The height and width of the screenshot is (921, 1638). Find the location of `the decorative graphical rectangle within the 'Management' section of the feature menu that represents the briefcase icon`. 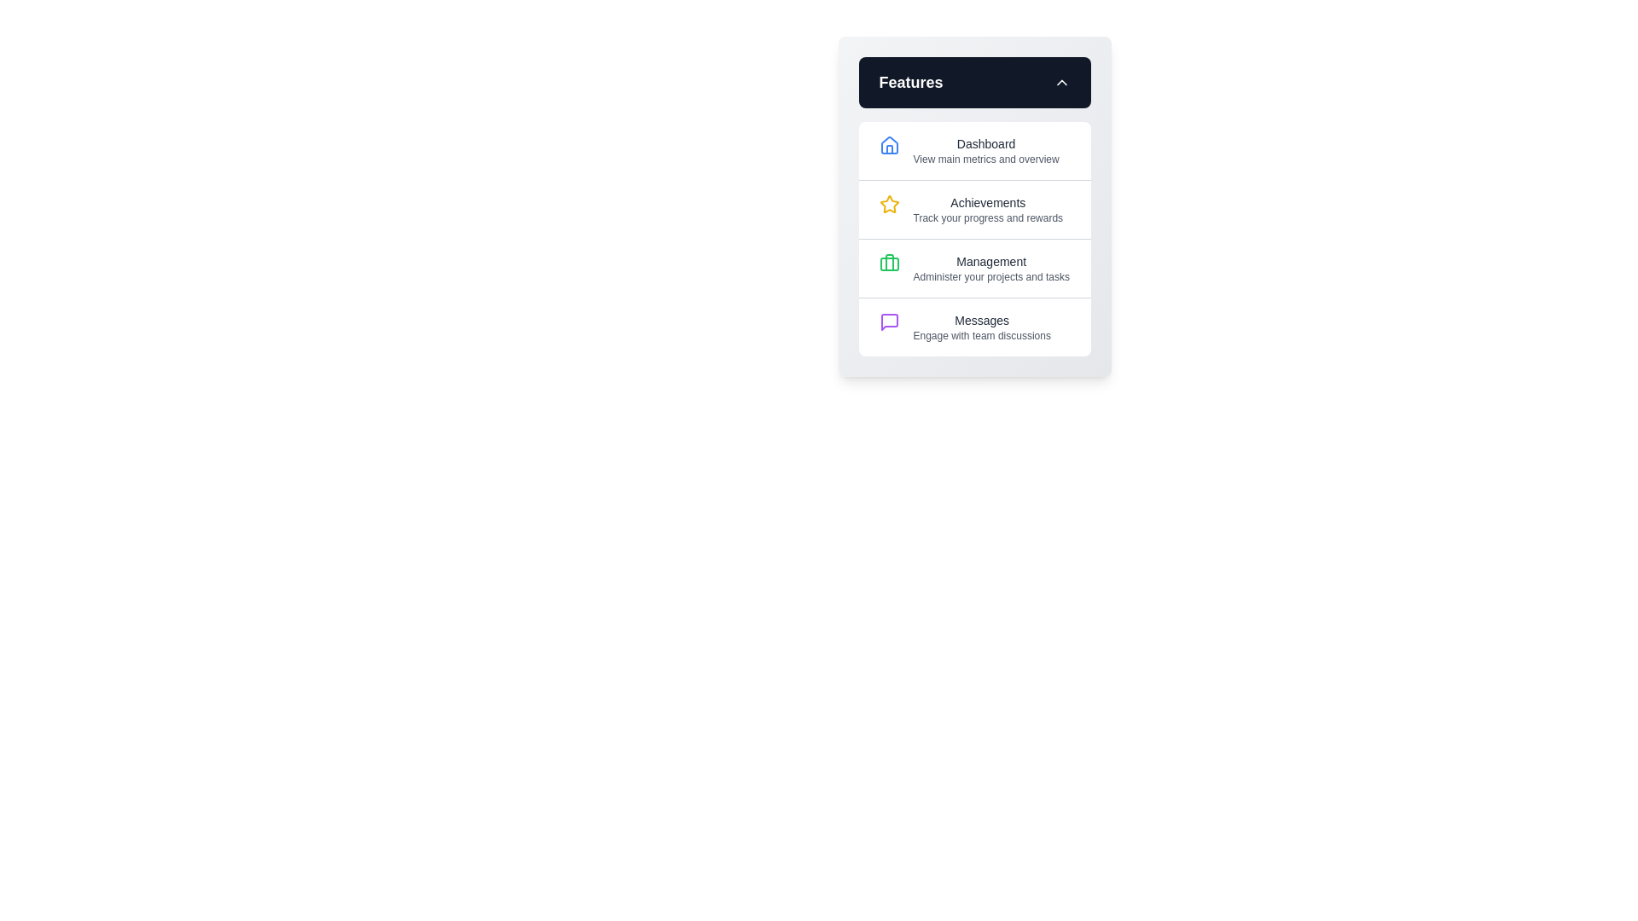

the decorative graphical rectangle within the 'Management' section of the feature menu that represents the briefcase icon is located at coordinates (888, 264).